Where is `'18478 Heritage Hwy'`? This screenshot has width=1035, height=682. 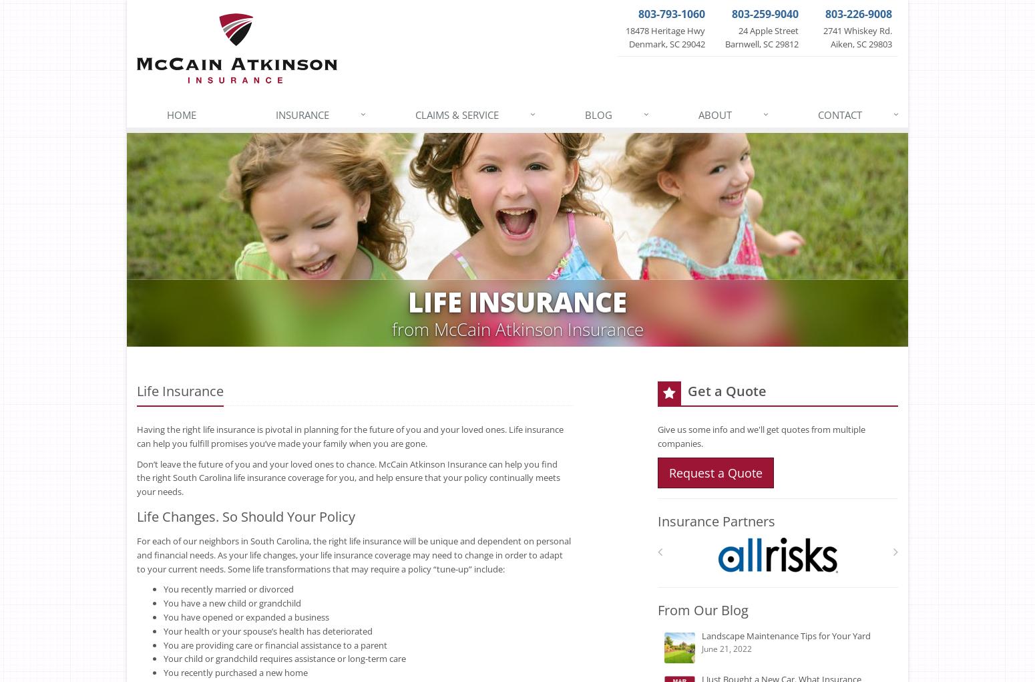
'18478 Heritage Hwy' is located at coordinates (624, 30).